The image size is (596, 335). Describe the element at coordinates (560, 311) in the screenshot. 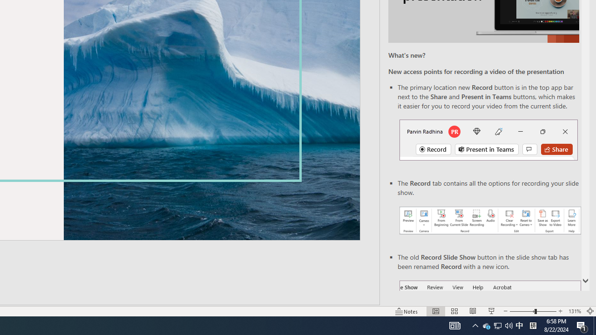

I see `'Zoom In'` at that location.